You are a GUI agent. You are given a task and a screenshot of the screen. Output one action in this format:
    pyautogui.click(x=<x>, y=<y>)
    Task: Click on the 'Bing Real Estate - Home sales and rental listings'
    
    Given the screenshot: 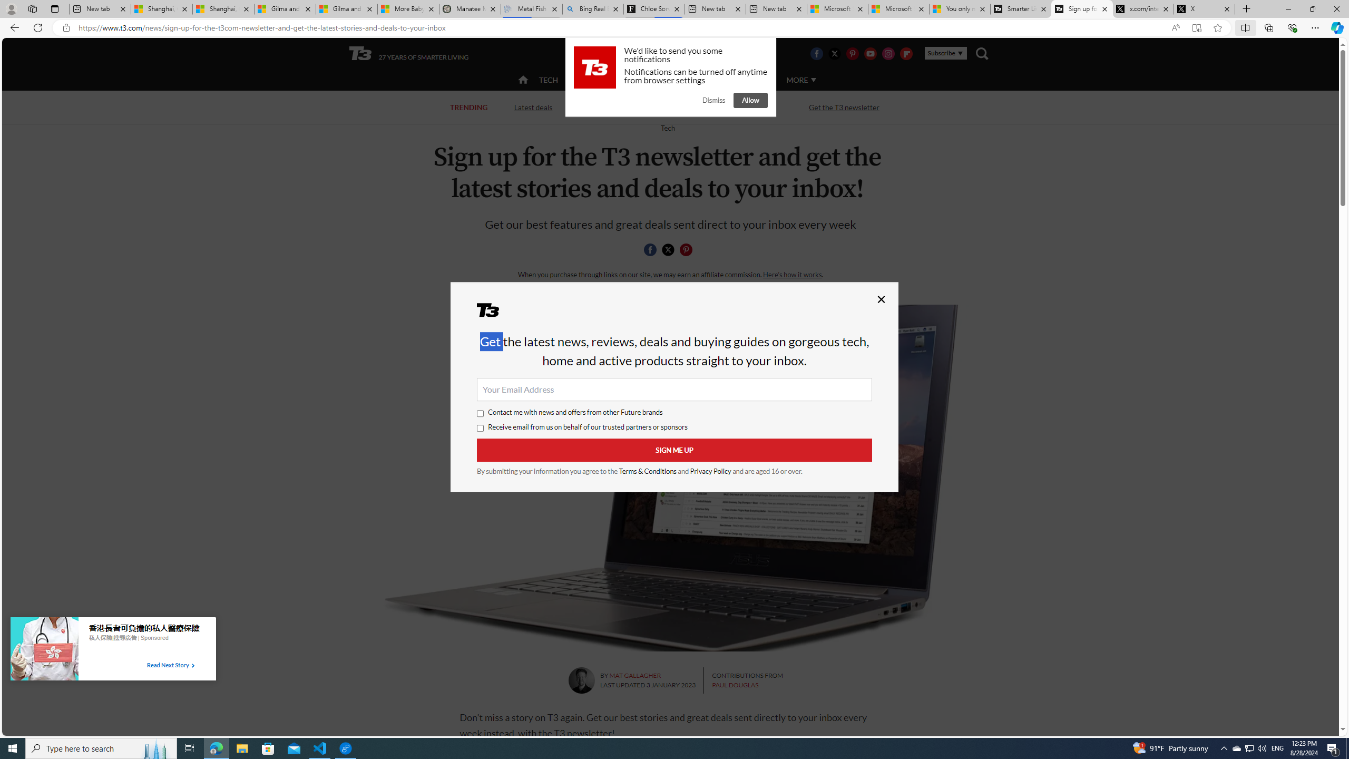 What is the action you would take?
    pyautogui.click(x=593, y=8)
    